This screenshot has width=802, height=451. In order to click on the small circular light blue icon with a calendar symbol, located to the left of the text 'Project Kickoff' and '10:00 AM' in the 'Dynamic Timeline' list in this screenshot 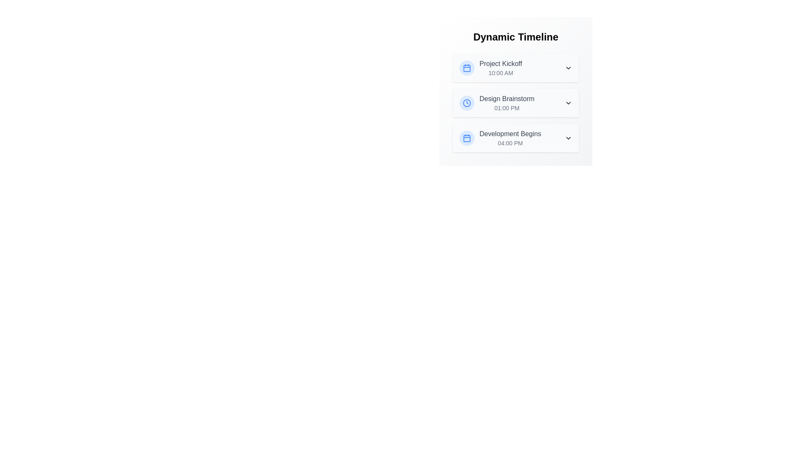, I will do `click(467, 67)`.